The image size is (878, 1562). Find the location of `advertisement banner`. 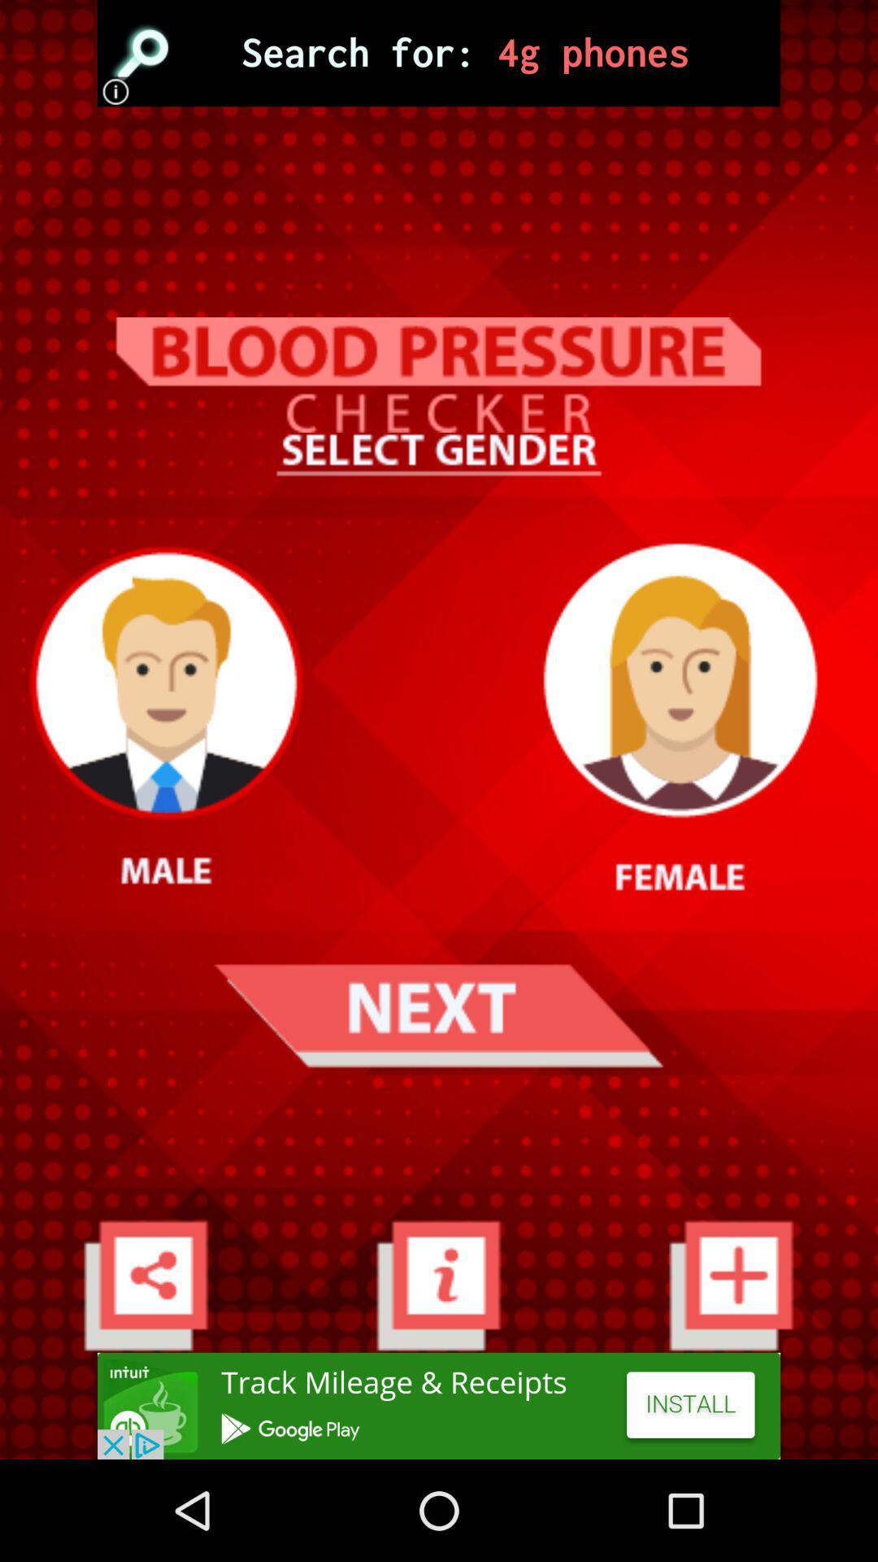

advertisement banner is located at coordinates (439, 53).